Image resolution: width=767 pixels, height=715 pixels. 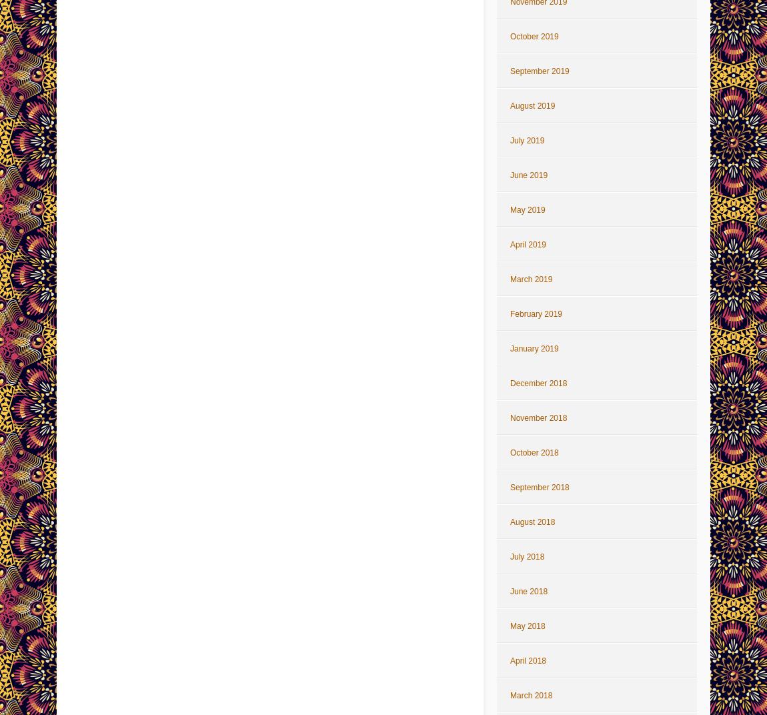 I want to click on 'January 2019', so click(x=533, y=349).